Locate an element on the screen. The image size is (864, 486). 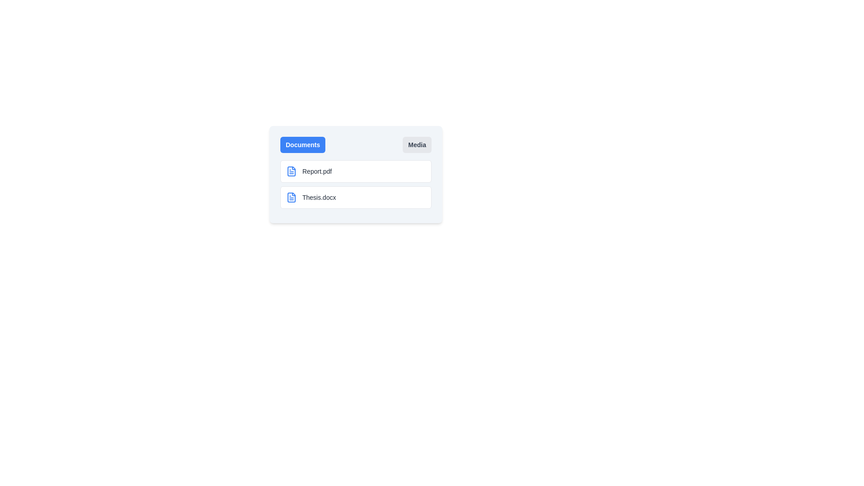
the 'Media' tab selector button, which is positioned to the right of the blue 'Documents' button in the upper section of the interface is located at coordinates (417, 144).